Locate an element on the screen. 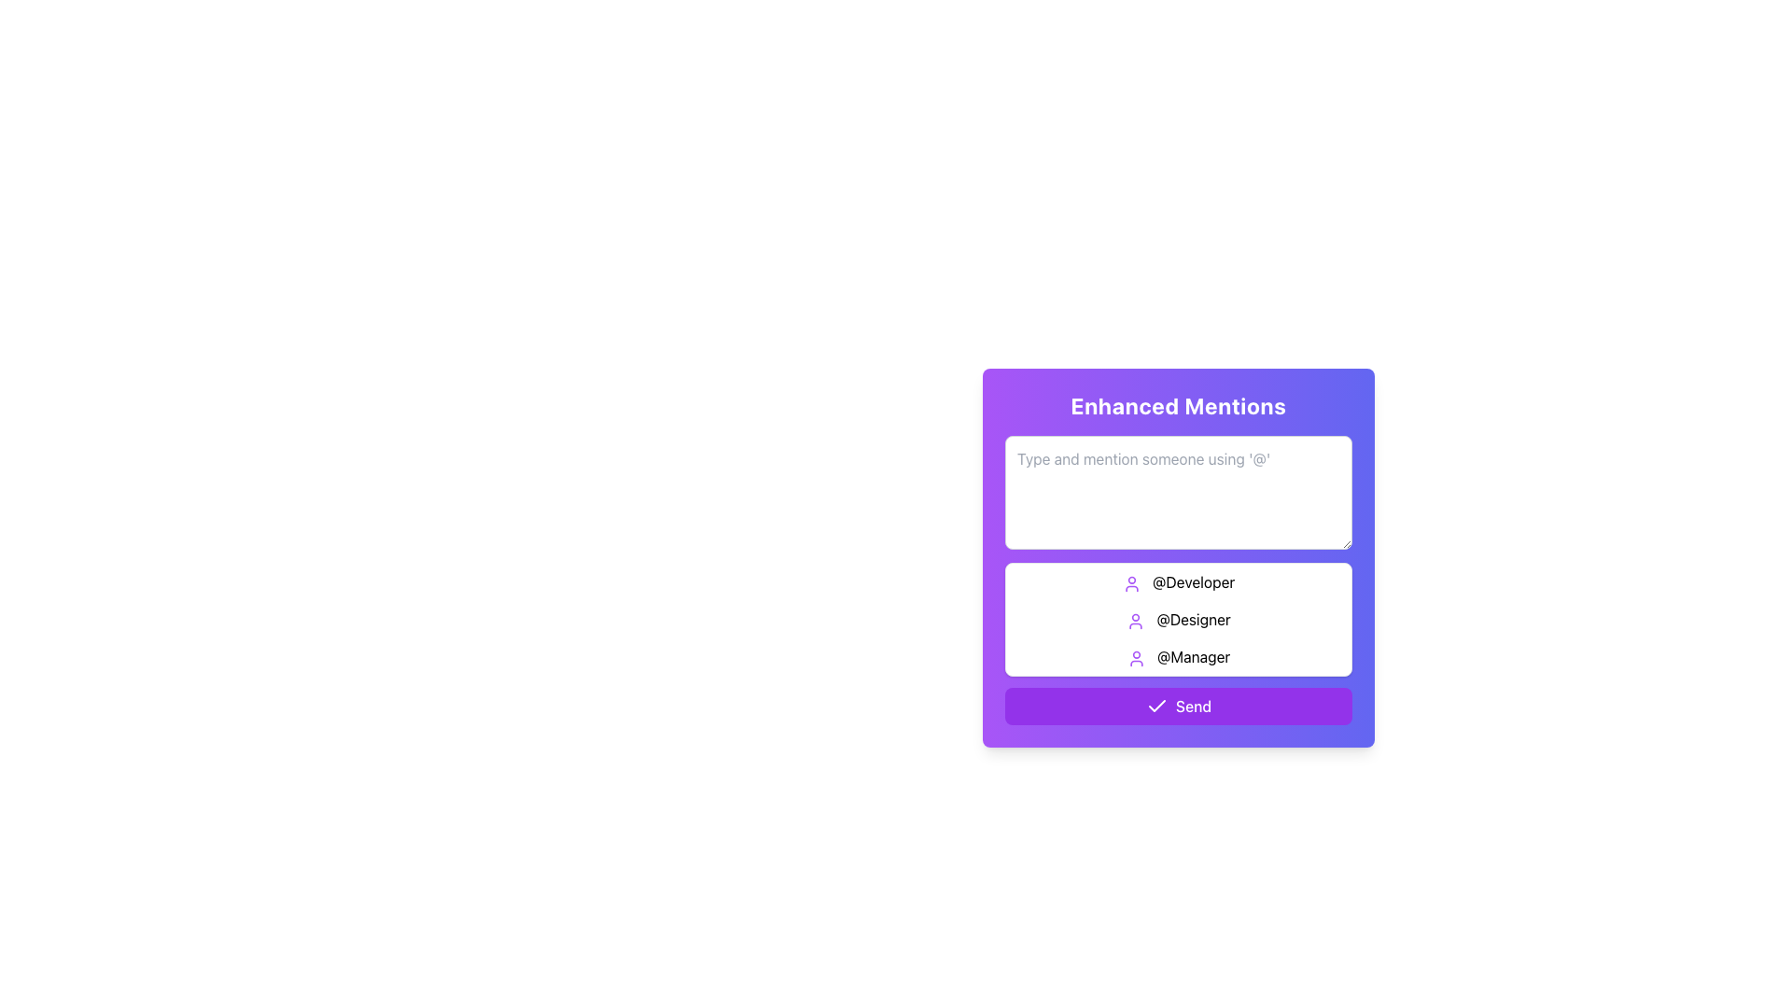 The image size is (1792, 1008). the text input area with the placeholder 'Type and mention someone using @', located below the 'Enhanced Mentions' header is located at coordinates (1177, 555).